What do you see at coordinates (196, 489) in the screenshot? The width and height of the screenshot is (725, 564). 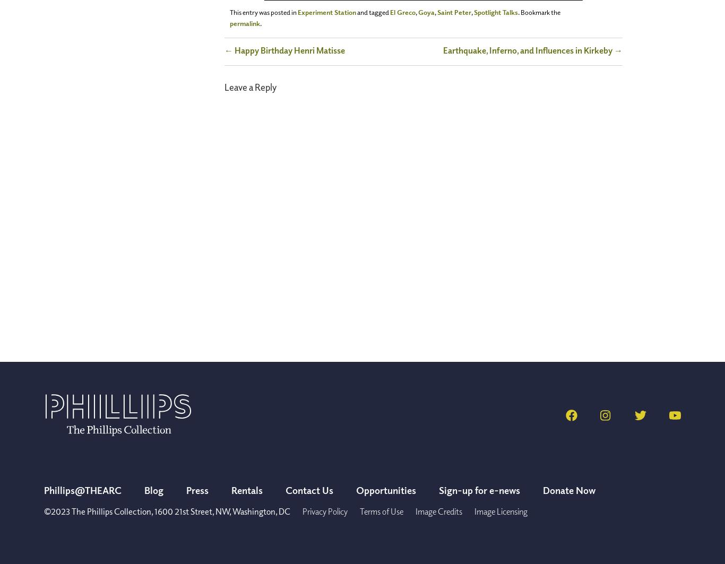 I see `'Press'` at bounding box center [196, 489].